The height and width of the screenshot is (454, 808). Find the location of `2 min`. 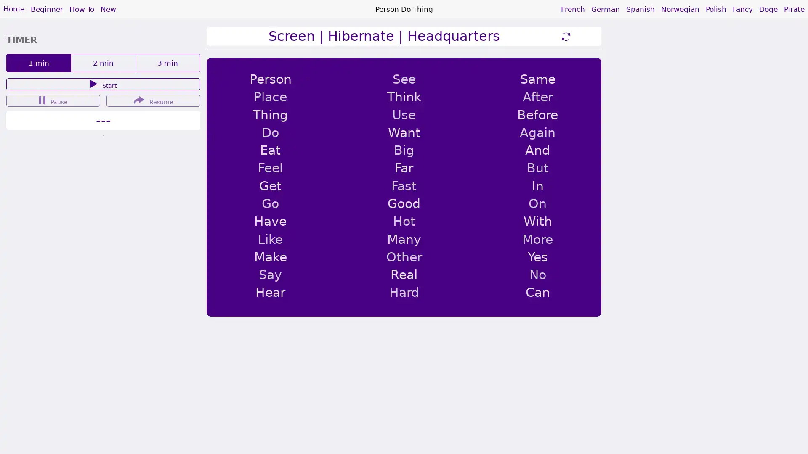

2 min is located at coordinates (103, 63).